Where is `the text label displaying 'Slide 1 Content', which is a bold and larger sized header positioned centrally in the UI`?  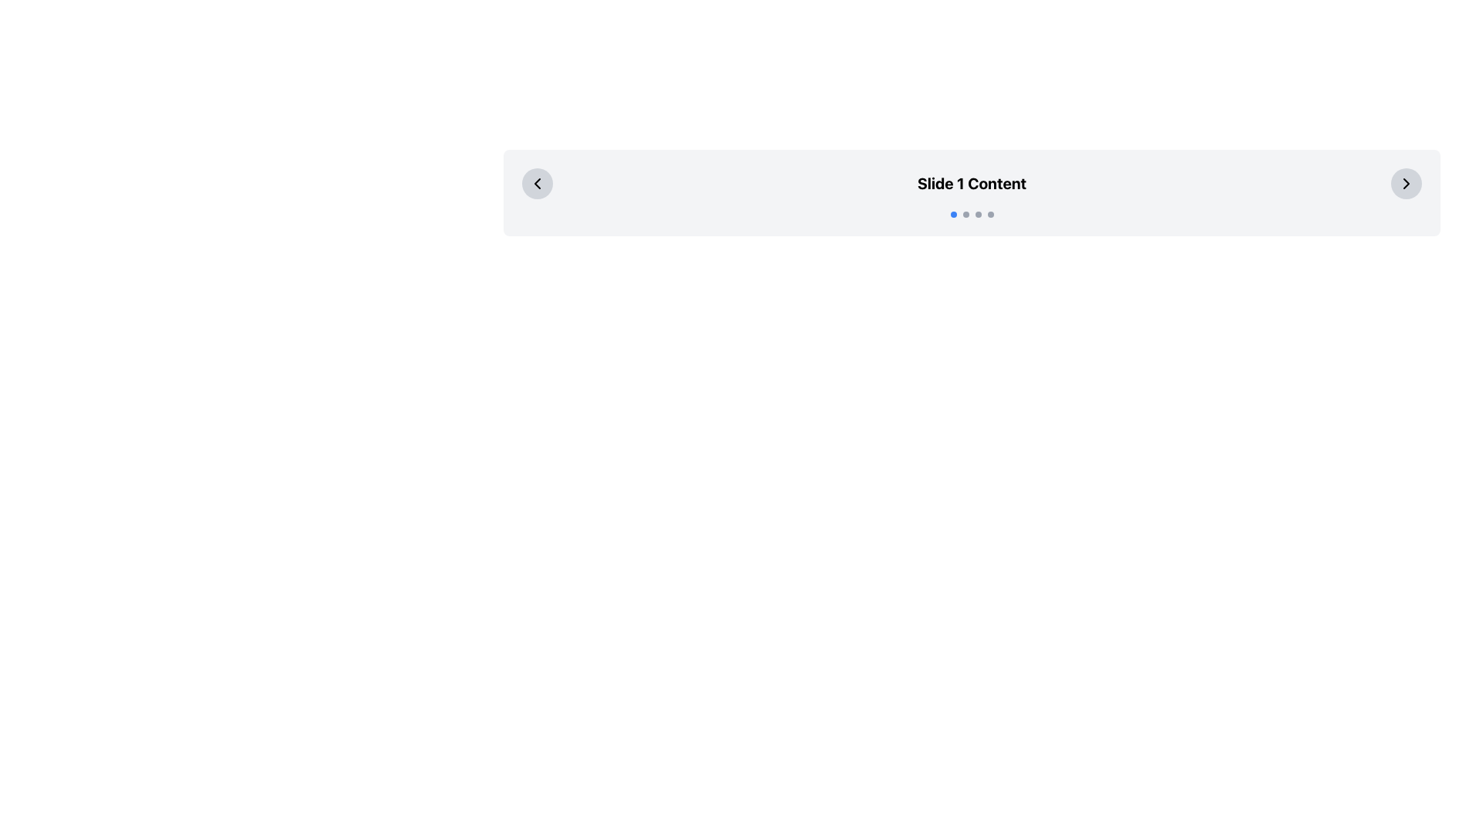
the text label displaying 'Slide 1 Content', which is a bold and larger sized header positioned centrally in the UI is located at coordinates (971, 183).